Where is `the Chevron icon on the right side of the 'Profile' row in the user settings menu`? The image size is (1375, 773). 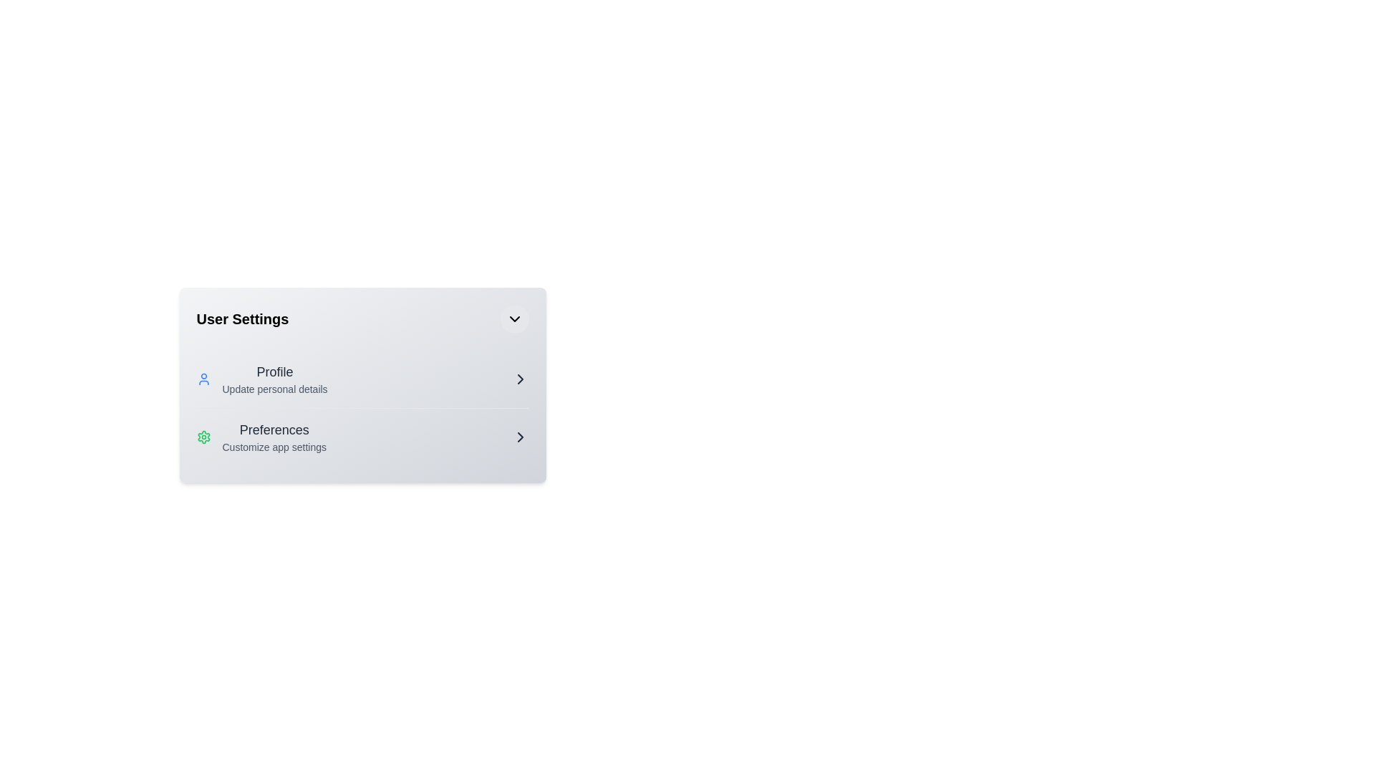 the Chevron icon on the right side of the 'Profile' row in the user settings menu is located at coordinates (519, 378).